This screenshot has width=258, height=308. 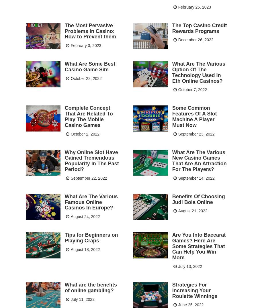 I want to click on 'September 22, 2022', so click(x=70, y=177).